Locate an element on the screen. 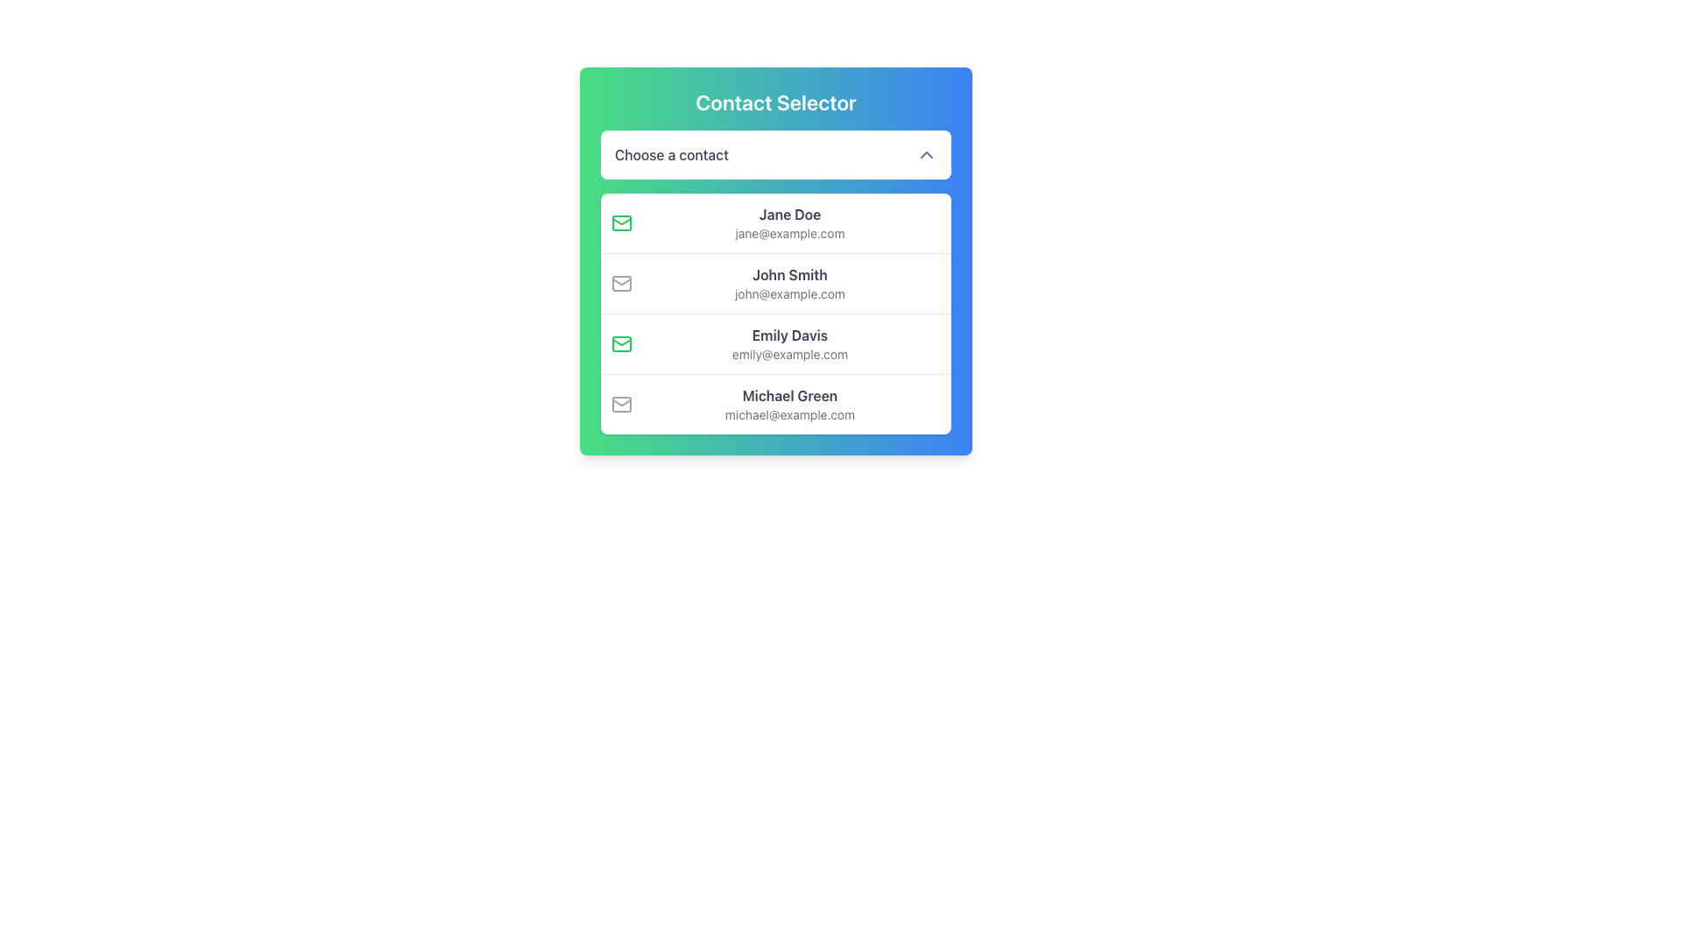 The width and height of the screenshot is (1682, 946). the Dropdown selector located within the 'Contact Selector' card is located at coordinates (775, 154).